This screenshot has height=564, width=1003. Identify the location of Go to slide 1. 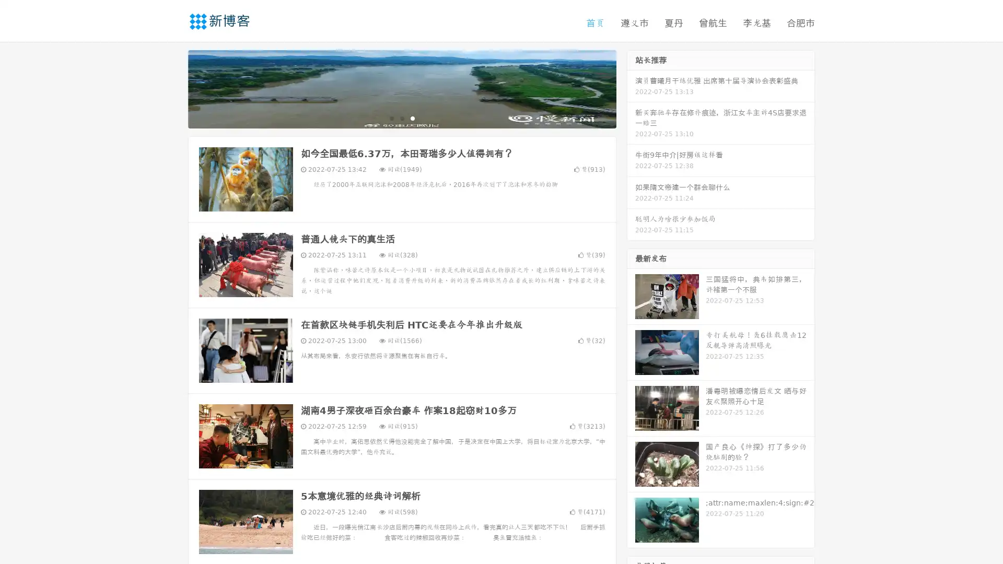
(391, 118).